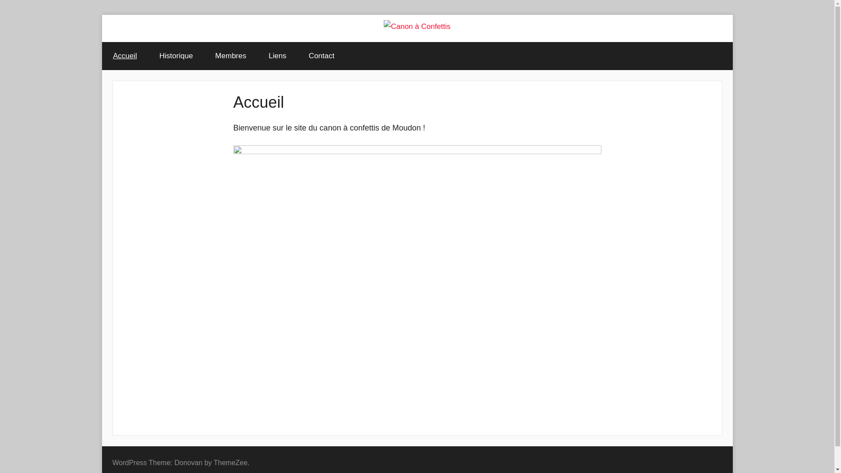 This screenshot has width=841, height=473. What do you see at coordinates (101, 56) in the screenshot?
I see `'Accueil'` at bounding box center [101, 56].